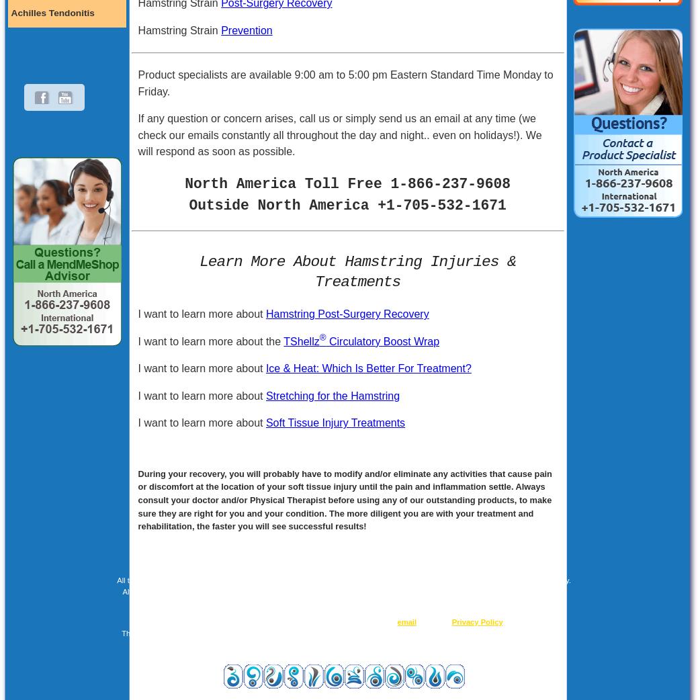 Image resolution: width=698 pixels, height=700 pixels. Describe the element at coordinates (289, 621) in the screenshot. I see `'For more information, call us via: 1-866-237-9608 or send us an'` at that location.